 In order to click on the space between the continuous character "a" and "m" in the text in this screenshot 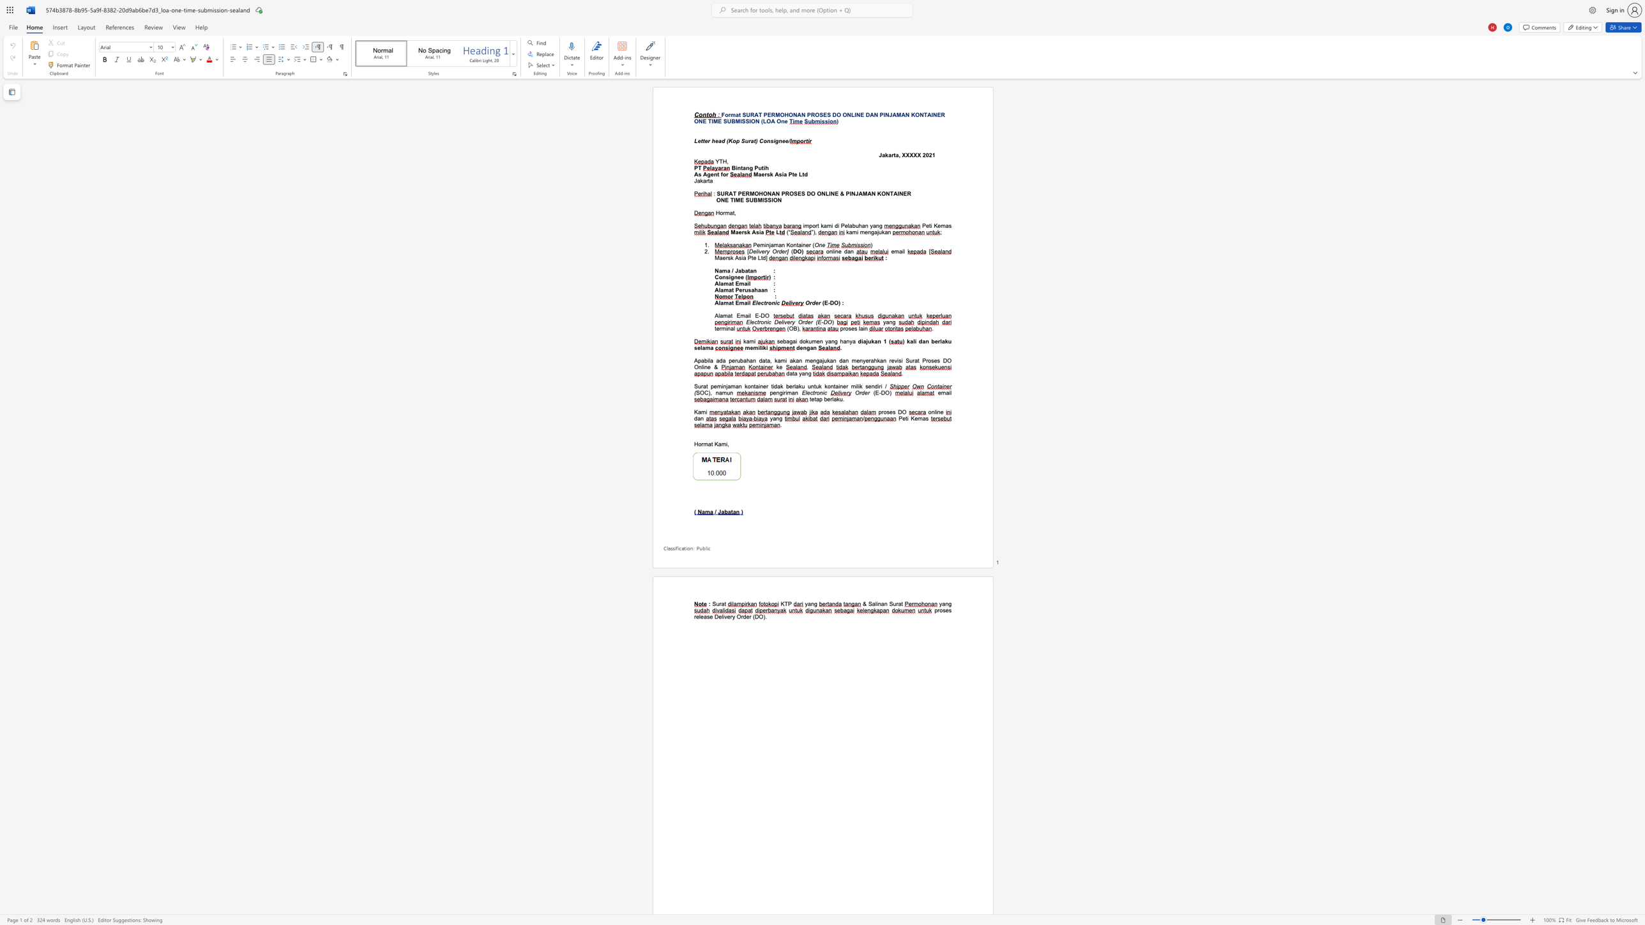, I will do `click(705, 347)`.